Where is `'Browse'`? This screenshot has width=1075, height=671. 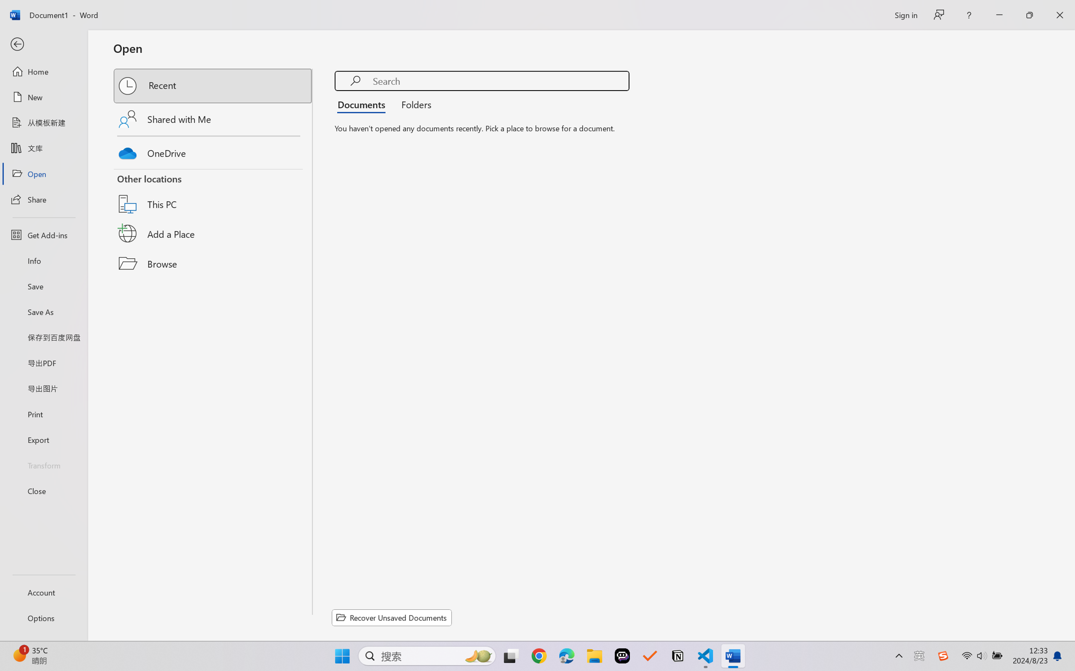 'Browse' is located at coordinates (213, 263).